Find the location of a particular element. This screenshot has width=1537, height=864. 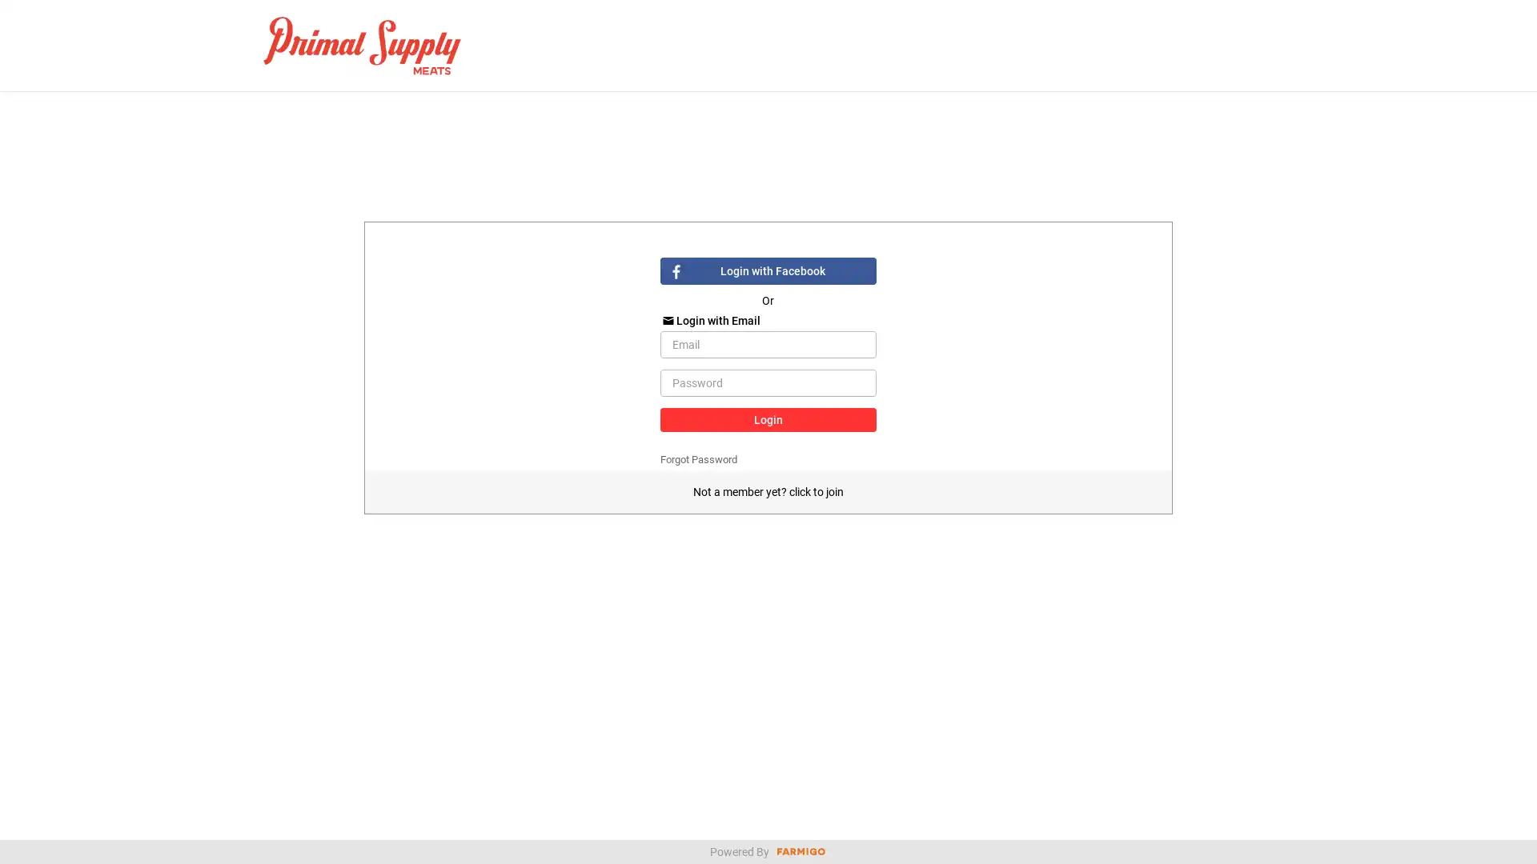

Login is located at coordinates (767, 418).